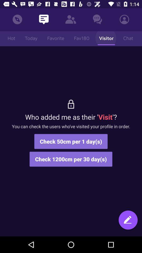 This screenshot has width=142, height=253. What do you see at coordinates (128, 222) in the screenshot?
I see `the edit icon` at bounding box center [128, 222].